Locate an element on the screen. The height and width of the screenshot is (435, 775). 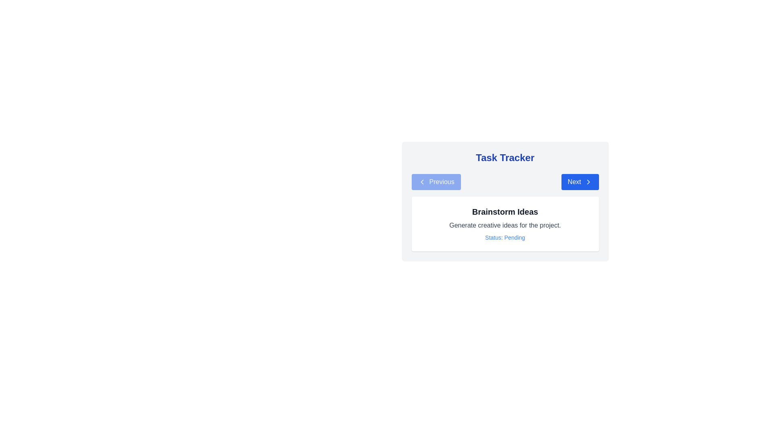
the task display card in the task tracker system, which provides information about a task such as its title, description, and current status is located at coordinates (505, 201).